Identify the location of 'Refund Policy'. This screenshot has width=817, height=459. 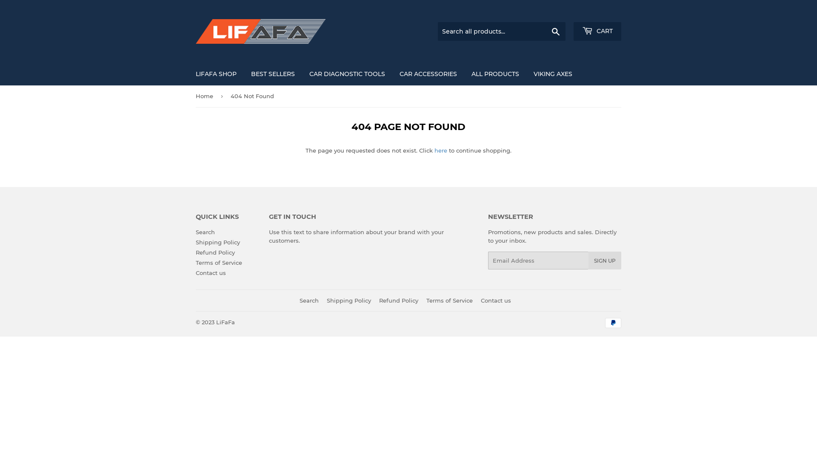
(215, 252).